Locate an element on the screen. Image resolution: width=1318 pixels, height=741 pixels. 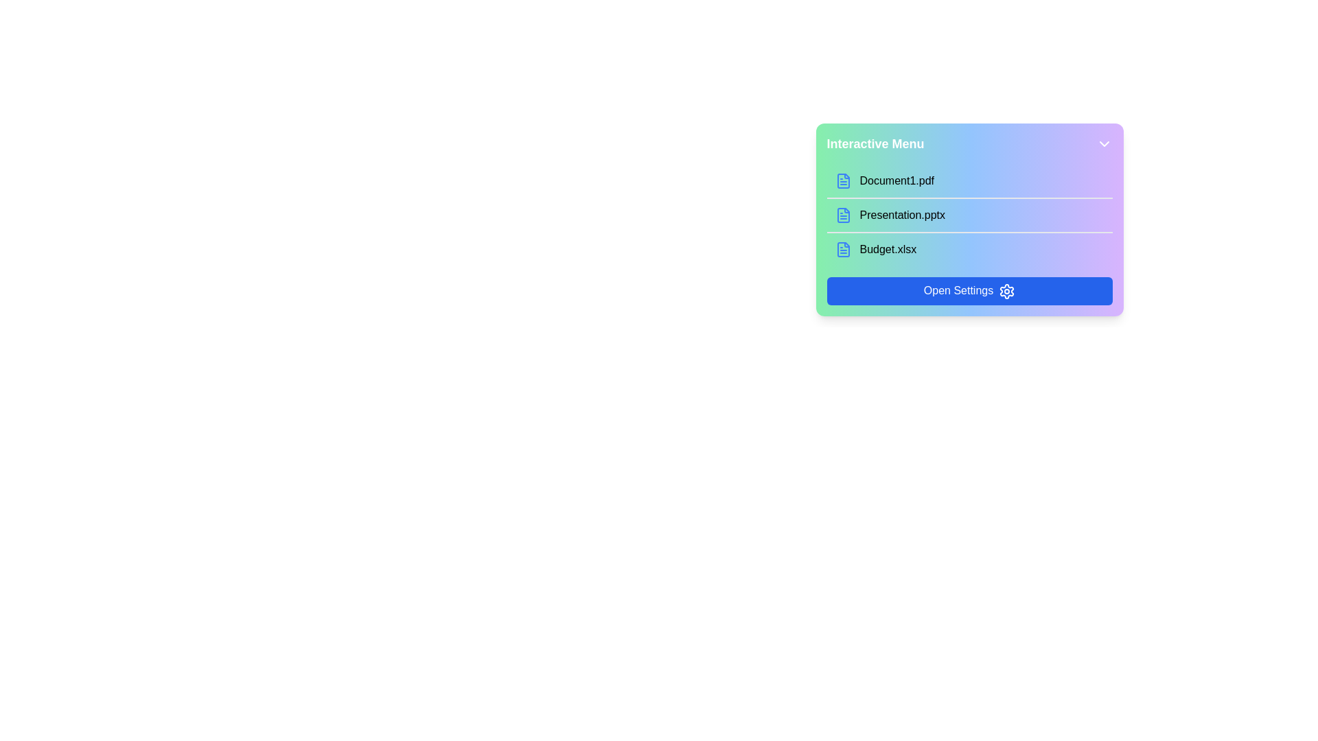
the blue rectangular button labeled 'Open Settings' which contains the settings gear icon, located towards the bottom-right of the interface is located at coordinates (1007, 290).